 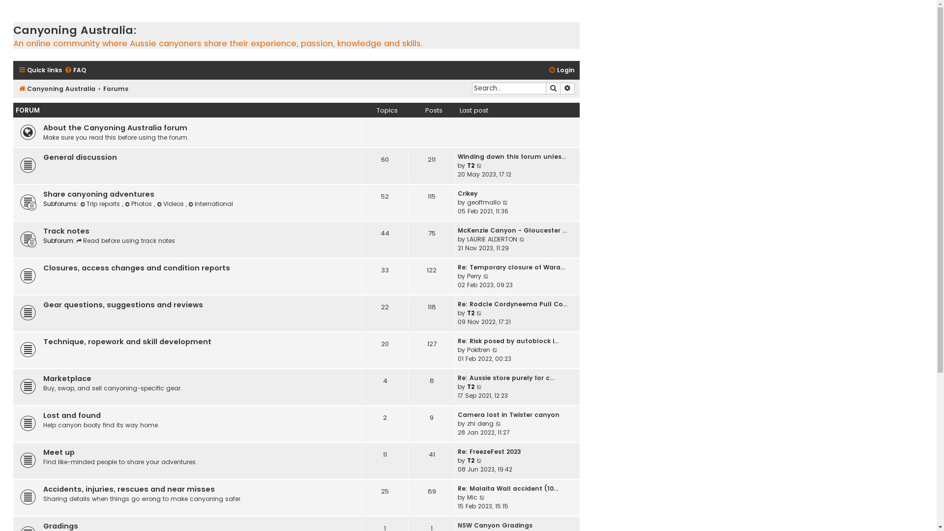 What do you see at coordinates (483, 202) in the screenshot?
I see `'geoffmallo'` at bounding box center [483, 202].